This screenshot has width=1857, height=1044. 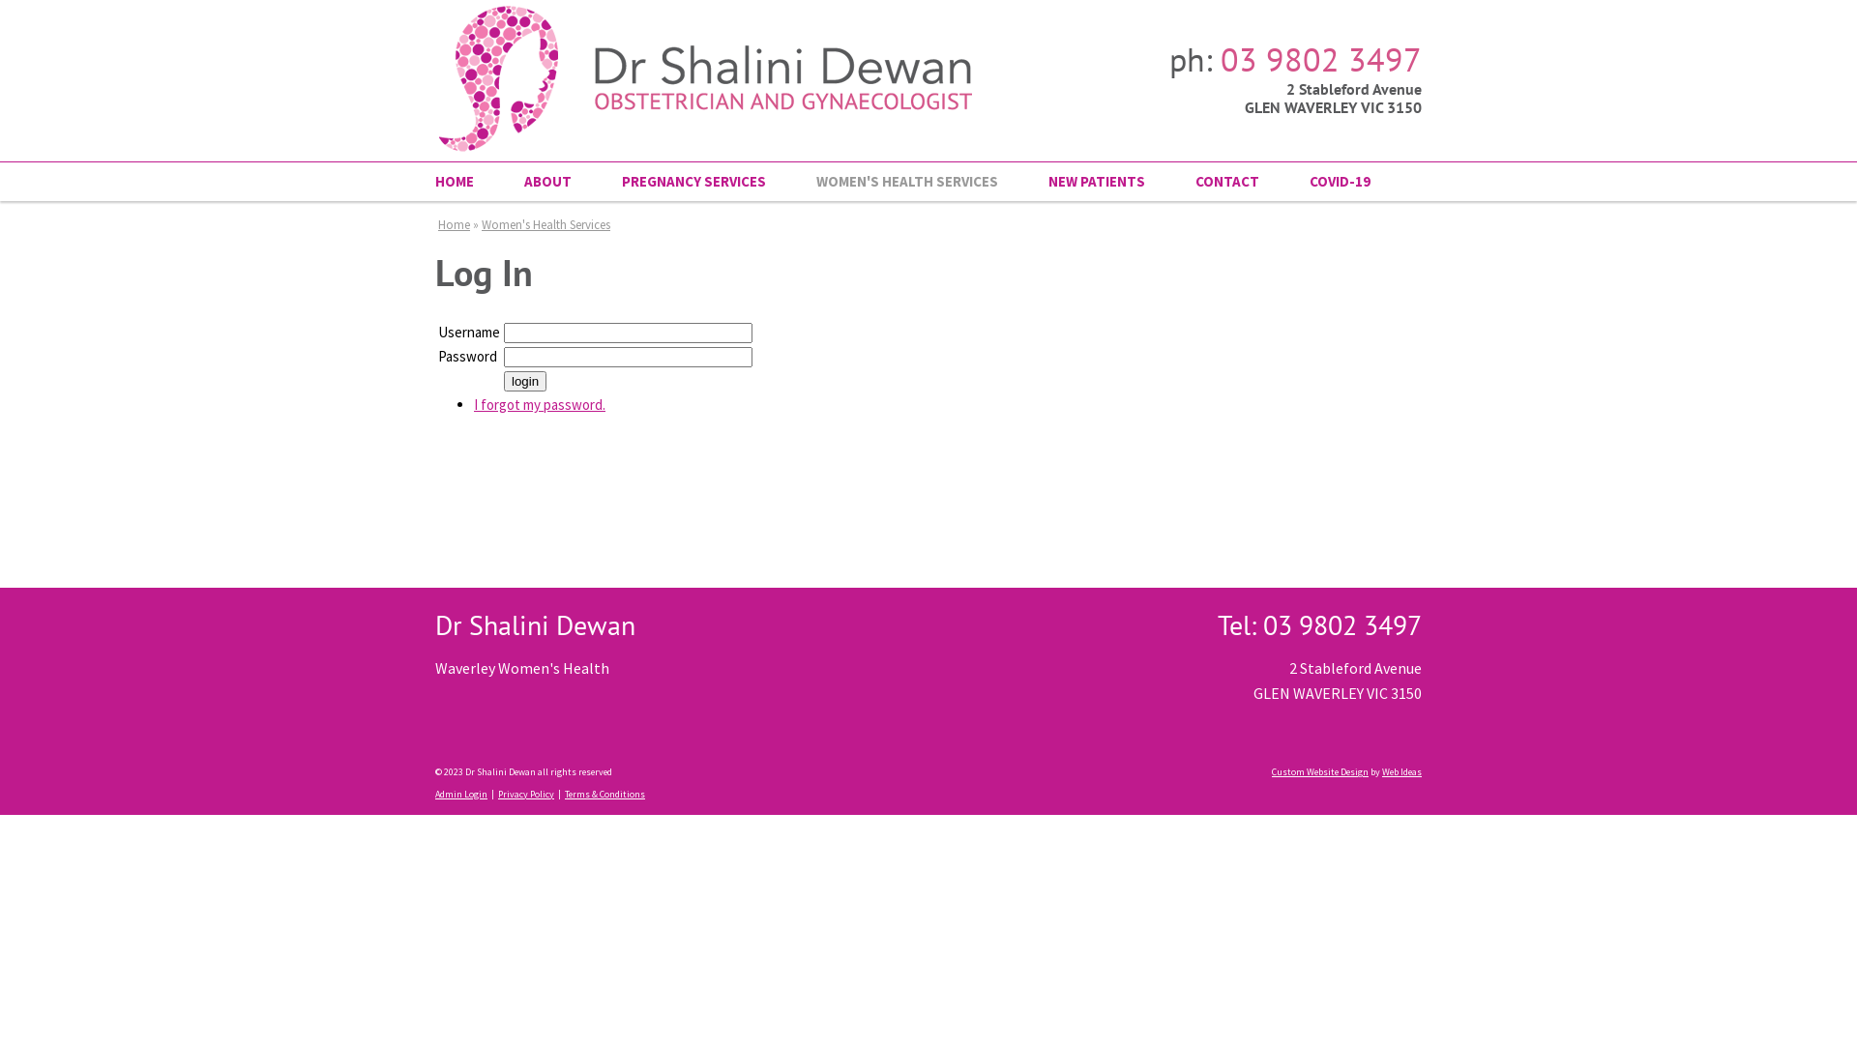 I want to click on 'I forgot my password.', so click(x=473, y=403).